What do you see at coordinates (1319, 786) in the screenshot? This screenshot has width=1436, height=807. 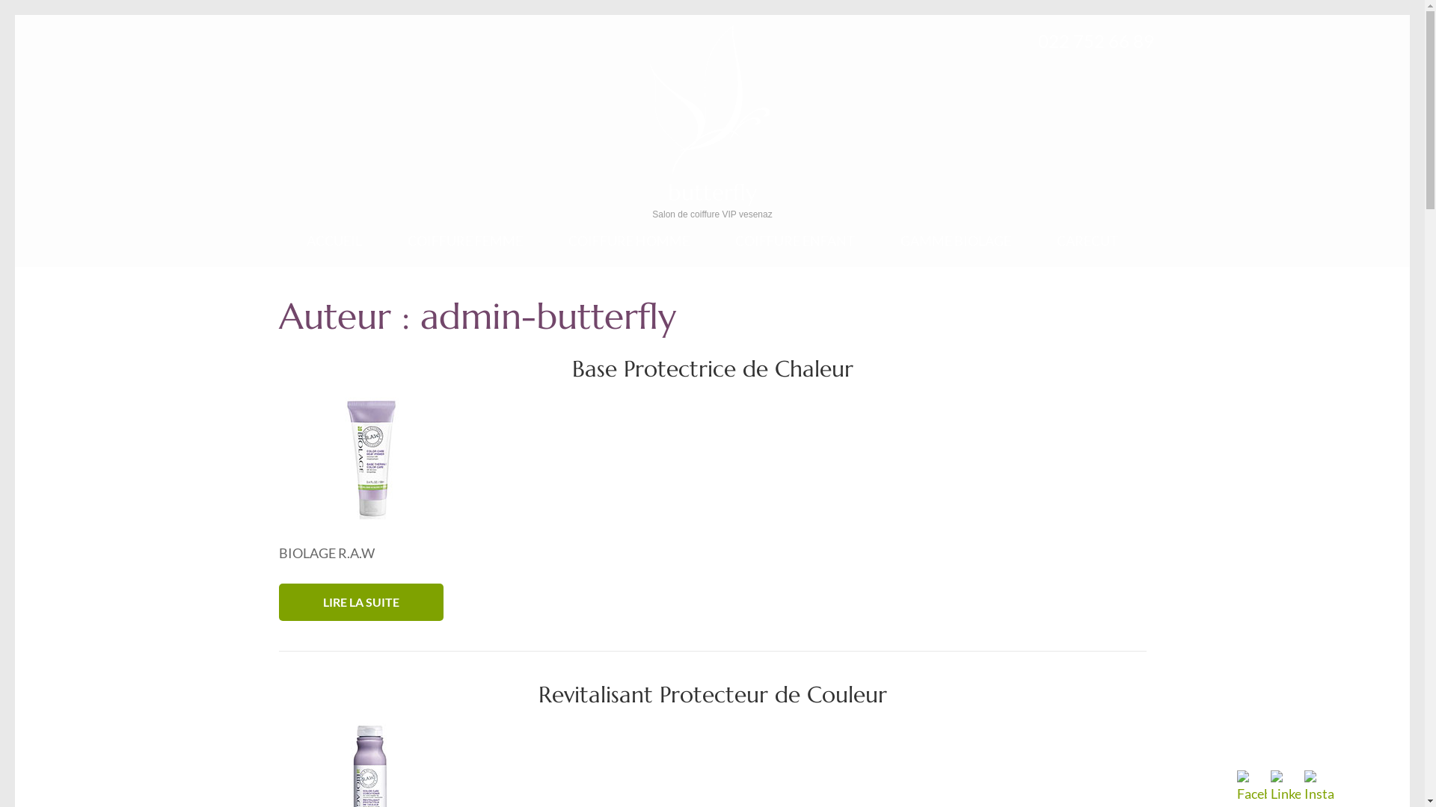 I see `'Instagram'` at bounding box center [1319, 786].